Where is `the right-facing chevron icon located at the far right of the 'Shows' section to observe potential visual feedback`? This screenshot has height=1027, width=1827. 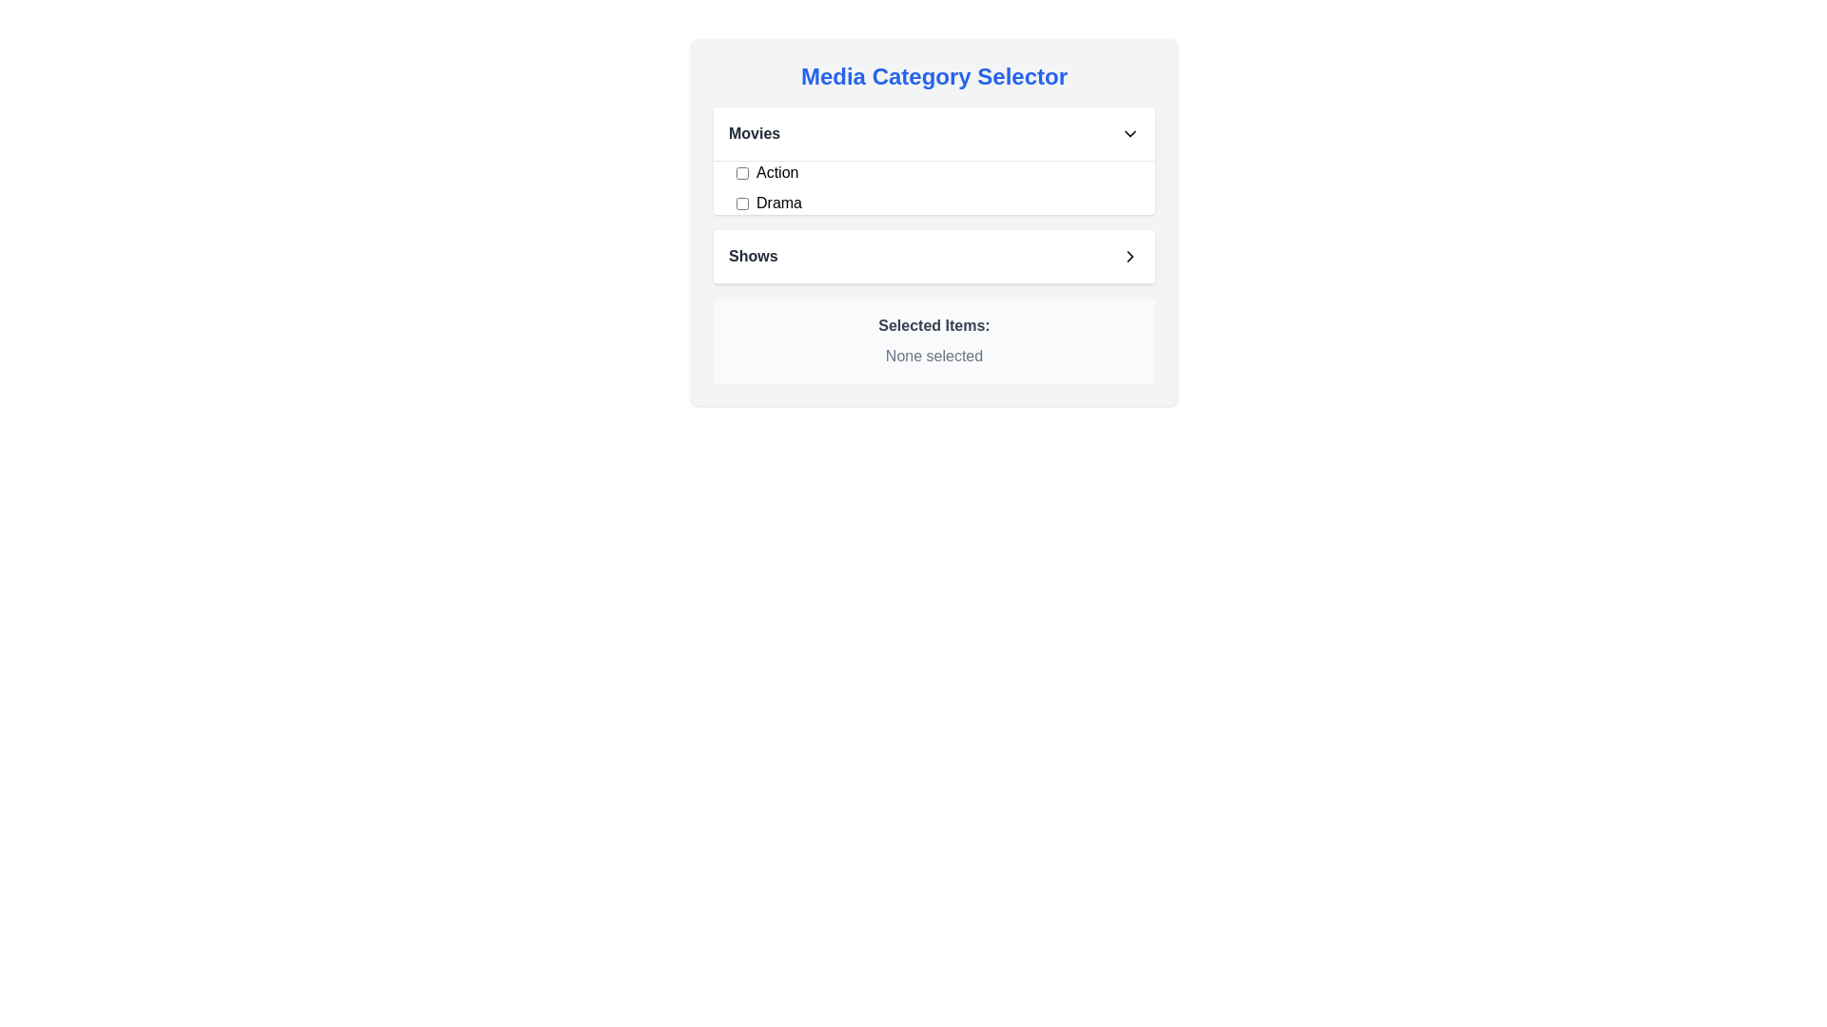
the right-facing chevron icon located at the far right of the 'Shows' section to observe potential visual feedback is located at coordinates (1130, 257).